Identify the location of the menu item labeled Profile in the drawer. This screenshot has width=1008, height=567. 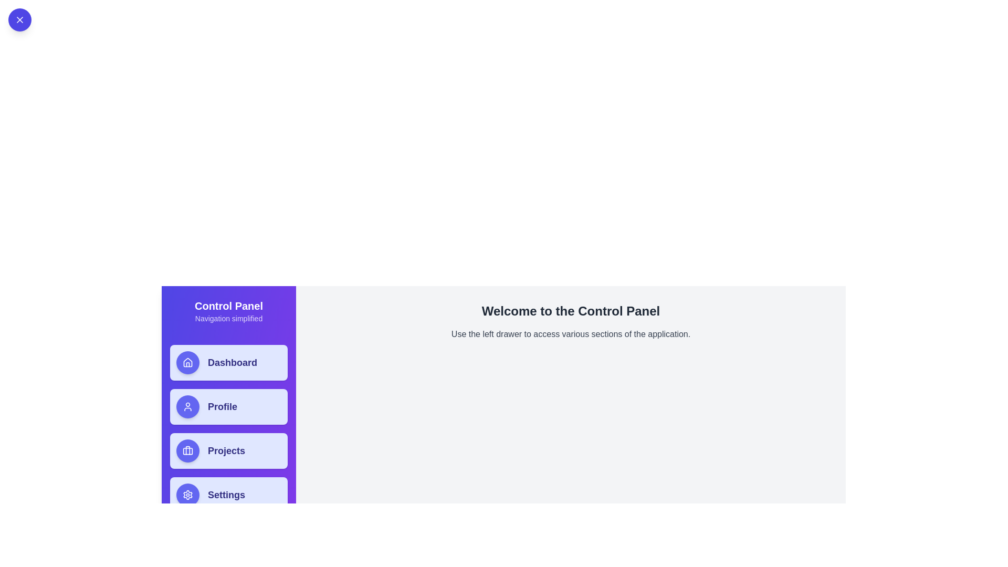
(228, 406).